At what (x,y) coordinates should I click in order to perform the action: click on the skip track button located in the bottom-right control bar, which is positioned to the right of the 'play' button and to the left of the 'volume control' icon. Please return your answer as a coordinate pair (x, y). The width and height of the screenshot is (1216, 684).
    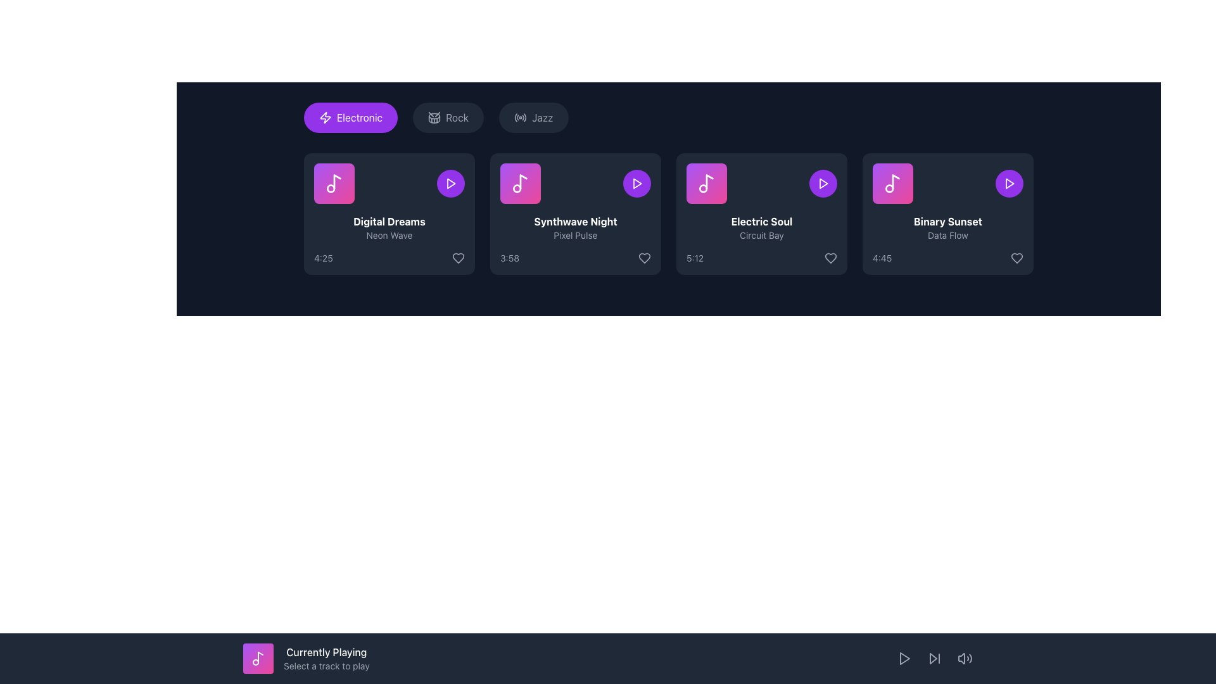
    Looking at the image, I should click on (935, 658).